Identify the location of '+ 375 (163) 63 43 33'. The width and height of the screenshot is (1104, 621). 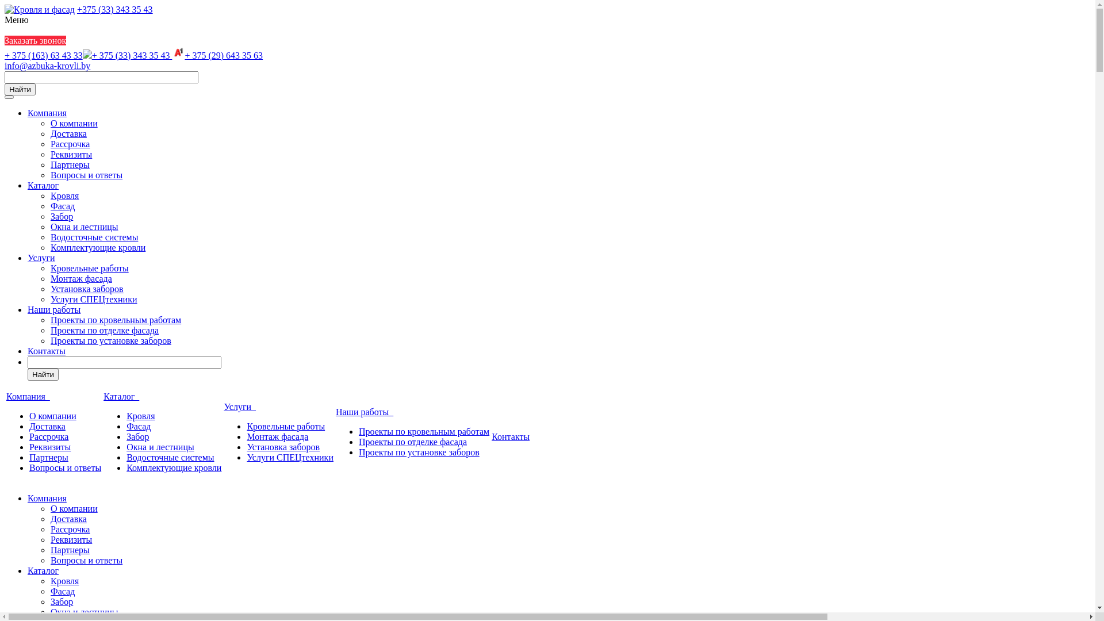
(44, 55).